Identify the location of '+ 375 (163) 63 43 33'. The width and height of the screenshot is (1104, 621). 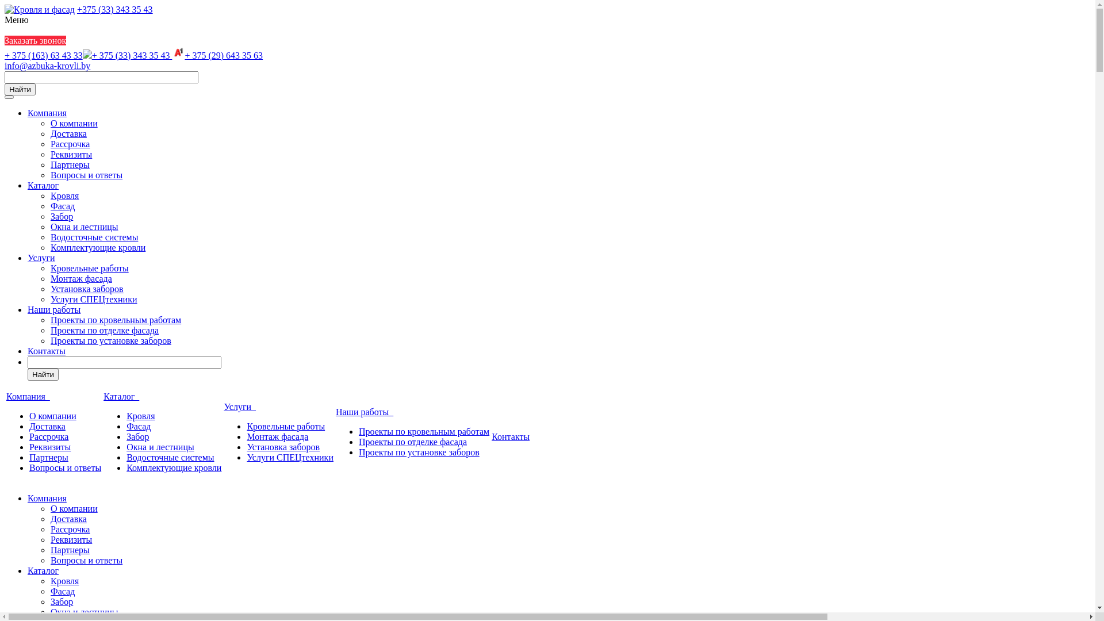
(44, 55).